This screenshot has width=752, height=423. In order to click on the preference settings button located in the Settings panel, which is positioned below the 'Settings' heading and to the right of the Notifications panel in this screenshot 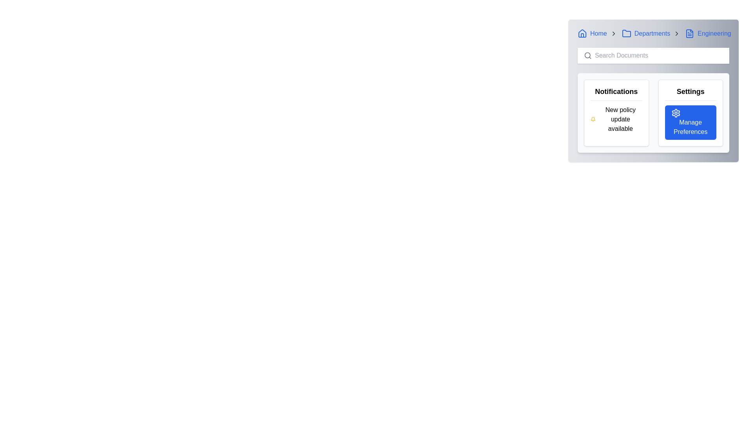, I will do `click(691, 122)`.